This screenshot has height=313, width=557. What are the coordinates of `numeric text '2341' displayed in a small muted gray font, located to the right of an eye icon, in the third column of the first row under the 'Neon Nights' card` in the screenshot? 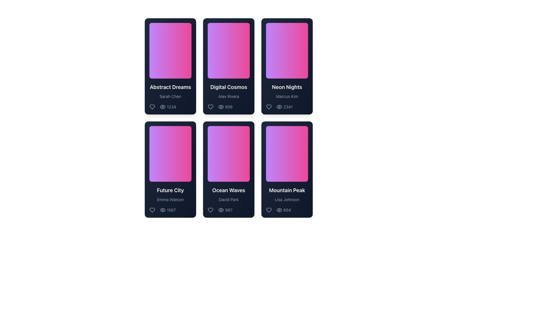 It's located at (288, 107).